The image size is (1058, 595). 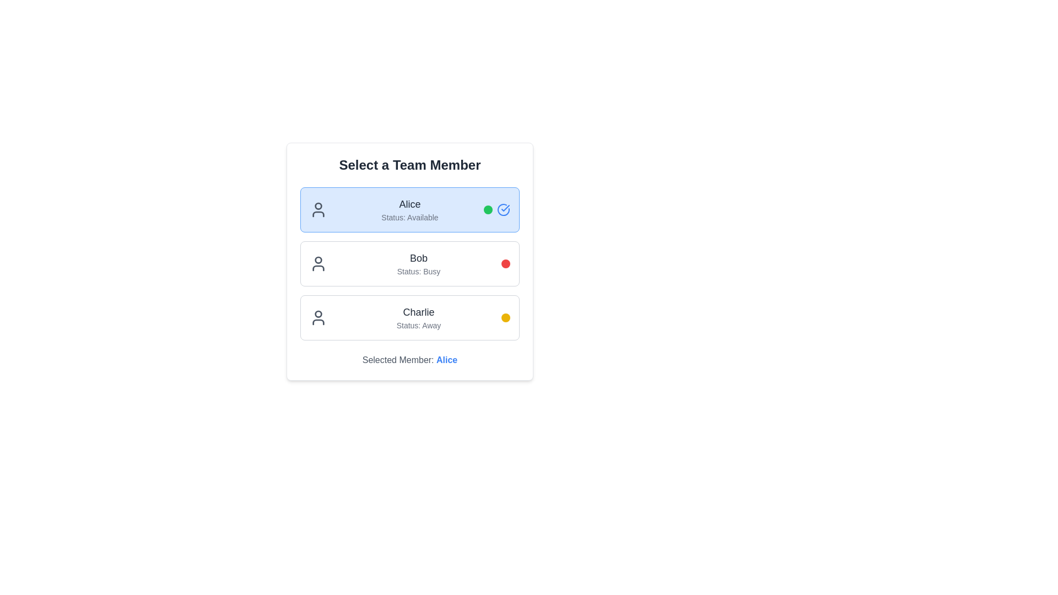 What do you see at coordinates (418, 272) in the screenshot?
I see `the text label displaying 'Status: Busy', which is styled with a small font size and light gray color, located below the name 'Bob'` at bounding box center [418, 272].